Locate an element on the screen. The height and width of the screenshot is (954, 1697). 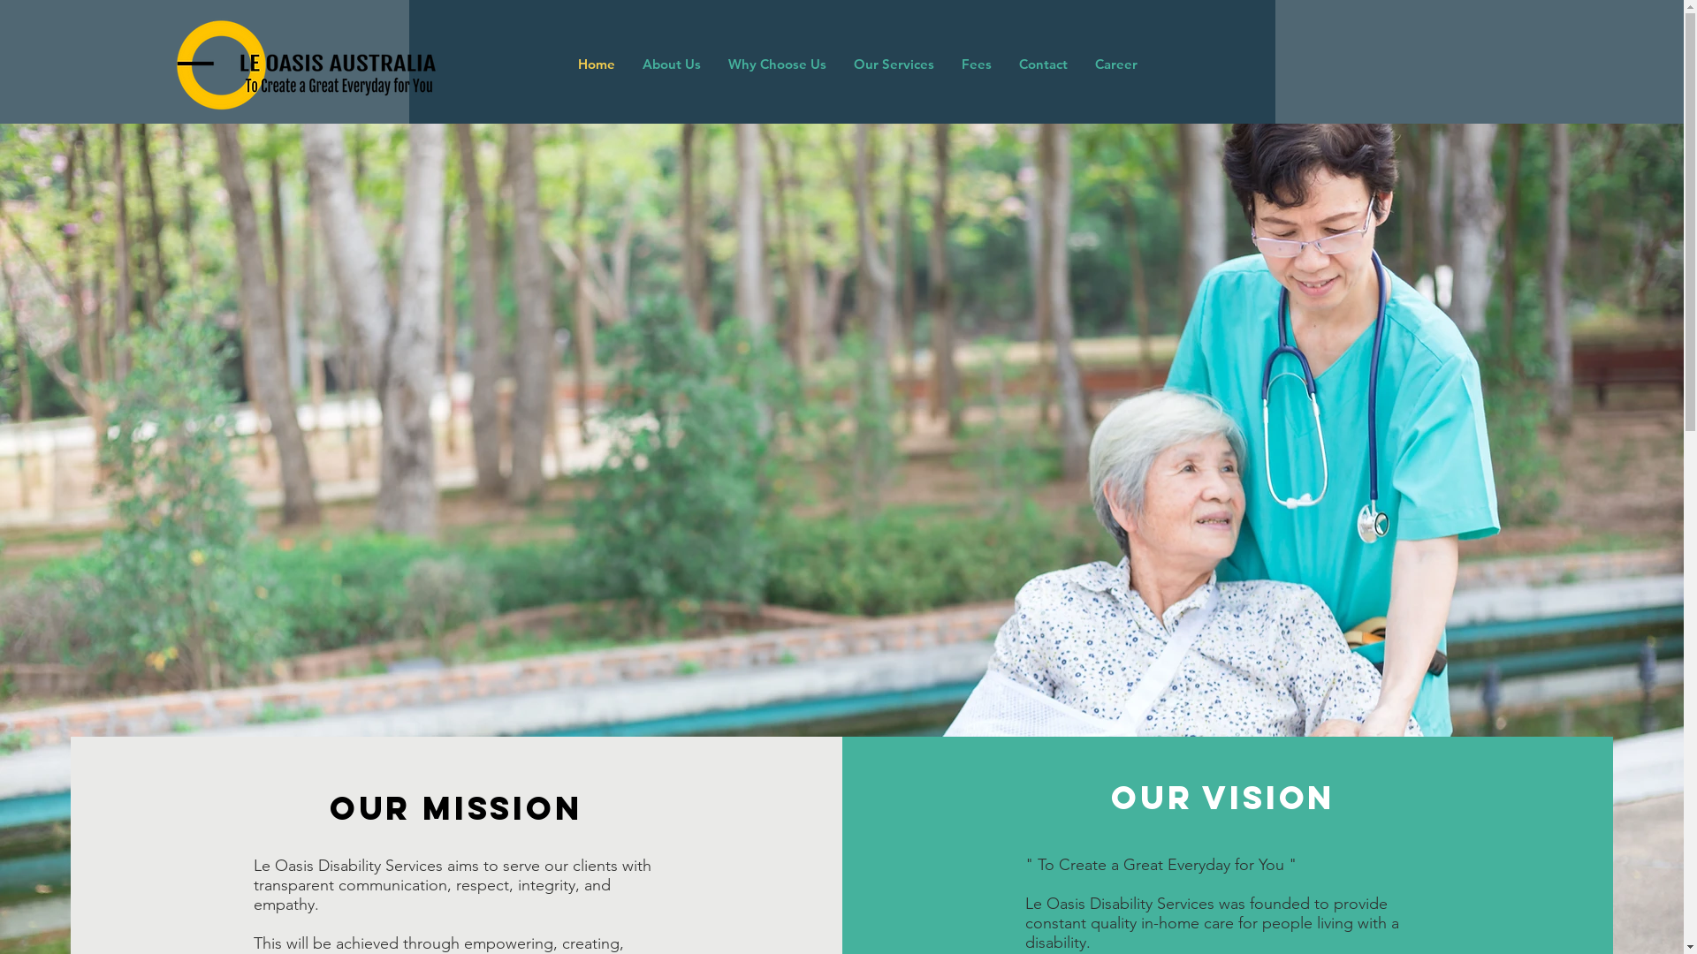
'Home' is located at coordinates (563, 64).